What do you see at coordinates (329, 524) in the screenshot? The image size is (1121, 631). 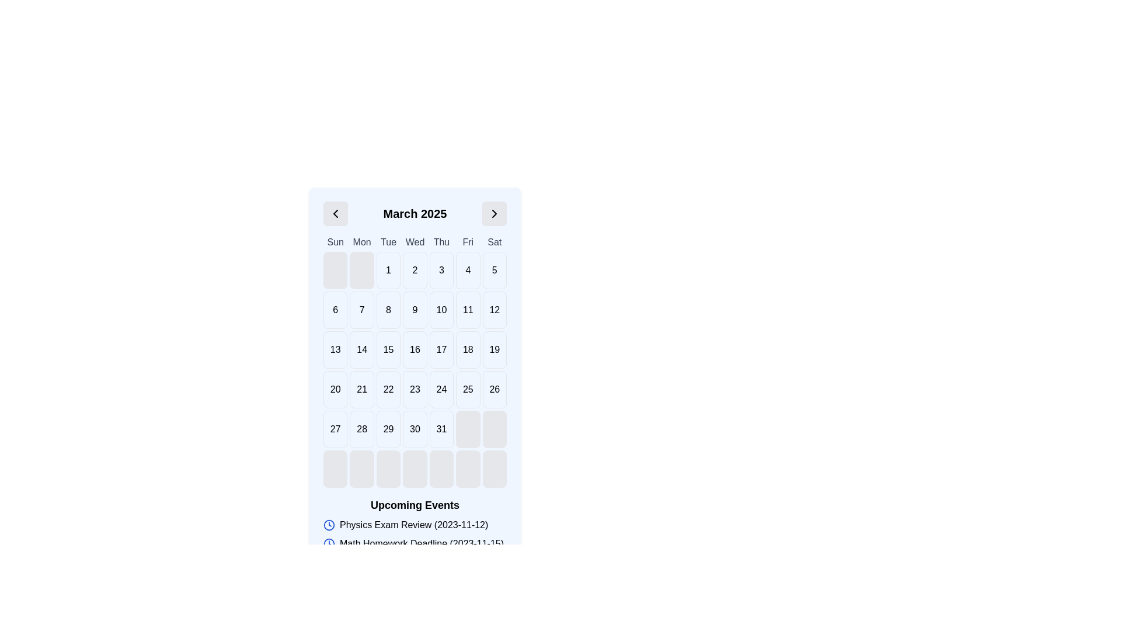 I see `the blue SVG clock icon located to the left of the text 'Physics Exam Review (2023-11-12)' in the 'Upcoming Events' section beneath the calendar` at bounding box center [329, 524].